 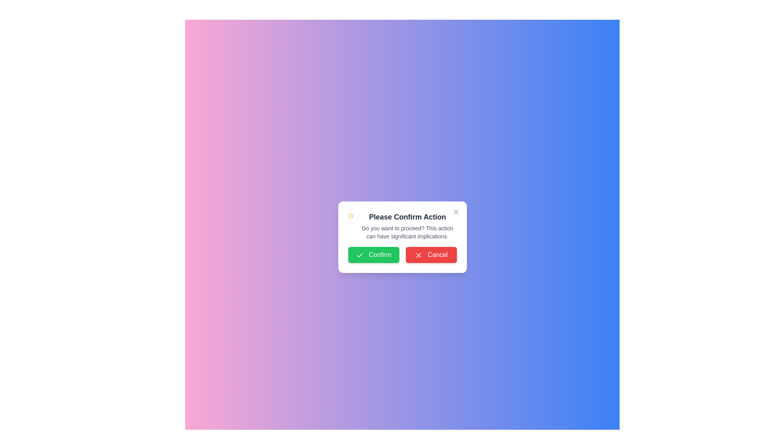 What do you see at coordinates (351, 215) in the screenshot?
I see `the outermost circular graphical element of the informational or warning icon located in the header section of the confirmation dialog, positioned on the left side of the title text` at bounding box center [351, 215].